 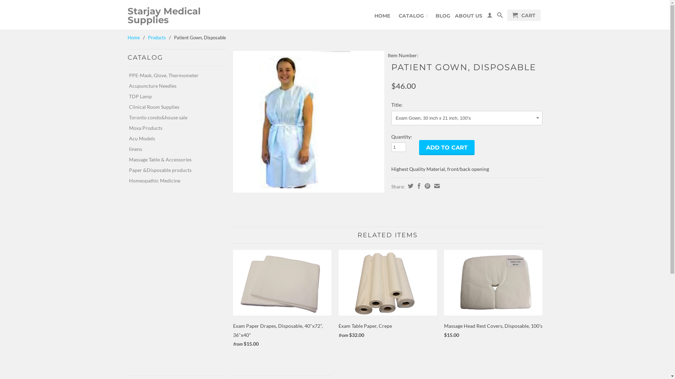 What do you see at coordinates (174, 107) in the screenshot?
I see `'Clinical Room Supplies'` at bounding box center [174, 107].